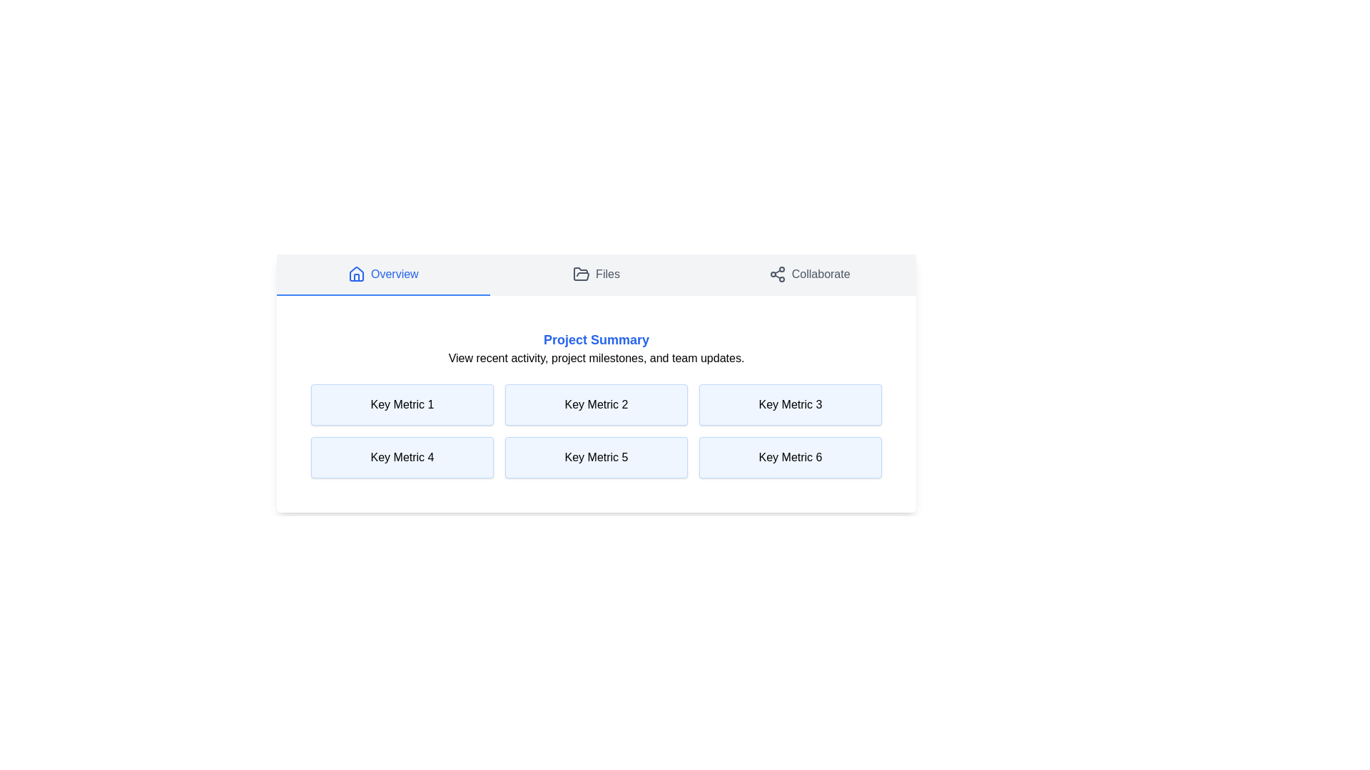 The width and height of the screenshot is (1370, 770). What do you see at coordinates (607, 274) in the screenshot?
I see `the 'Files' text label in the top navigation bar, which is associated with file management and is positioned between the 'Overview' and 'Collaborate' elements` at bounding box center [607, 274].